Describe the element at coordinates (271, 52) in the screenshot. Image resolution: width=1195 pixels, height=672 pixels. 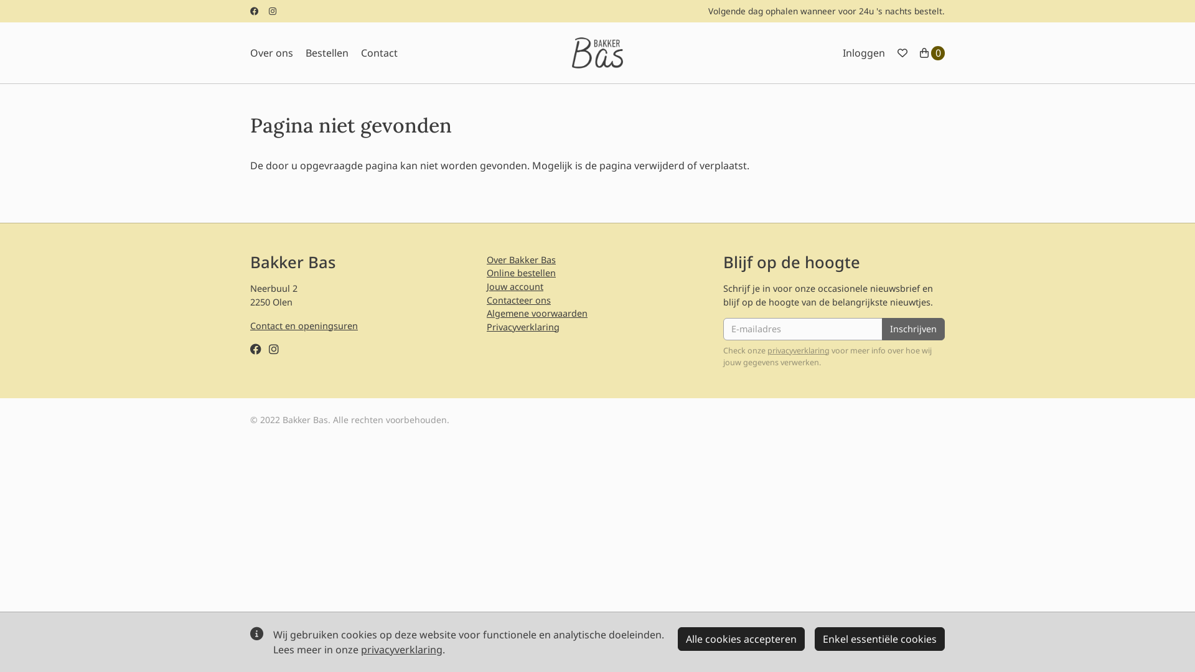
I see `'Over ons'` at that location.